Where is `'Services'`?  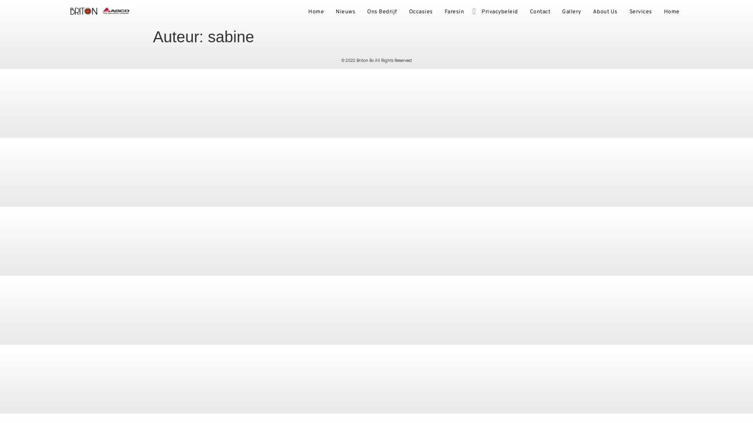 'Services' is located at coordinates (623, 12).